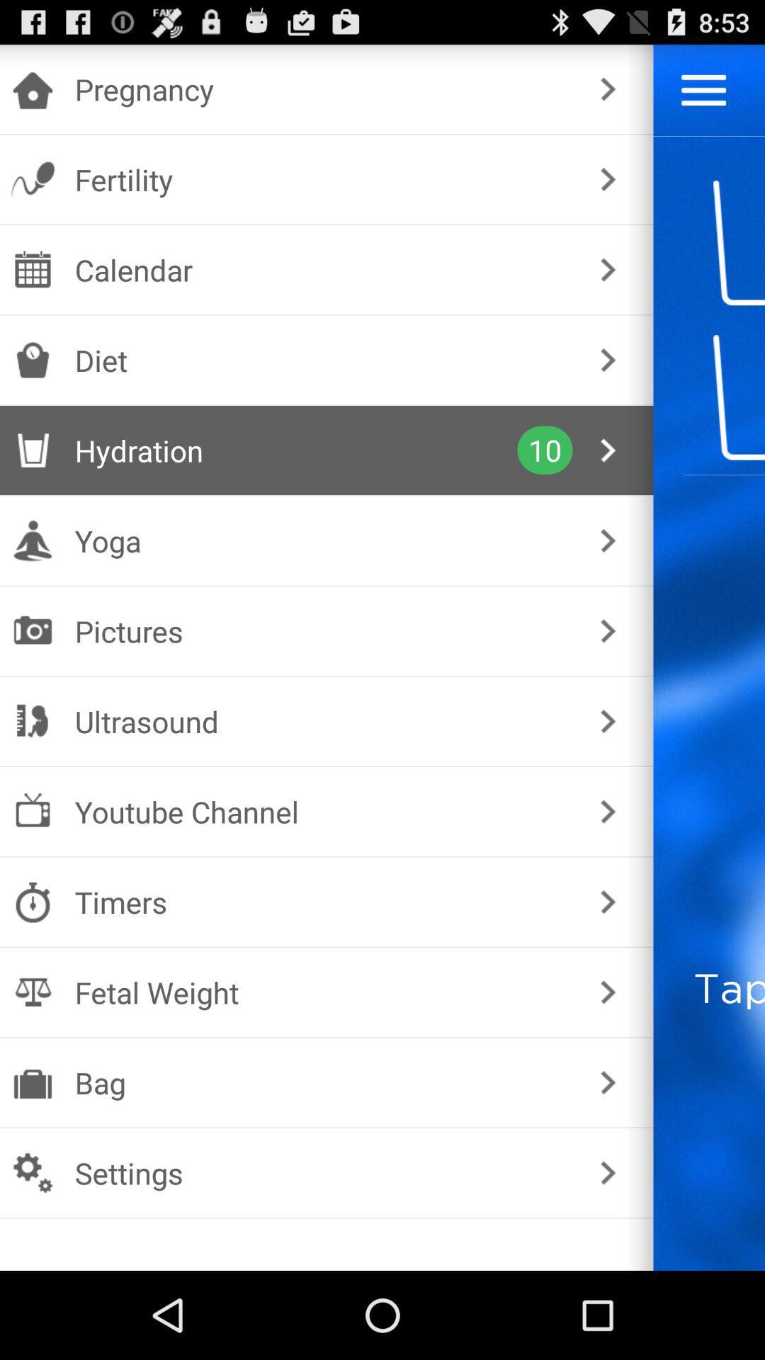 Image resolution: width=765 pixels, height=1360 pixels. What do you see at coordinates (607, 721) in the screenshot?
I see `the icon next to the ultrasound item` at bounding box center [607, 721].